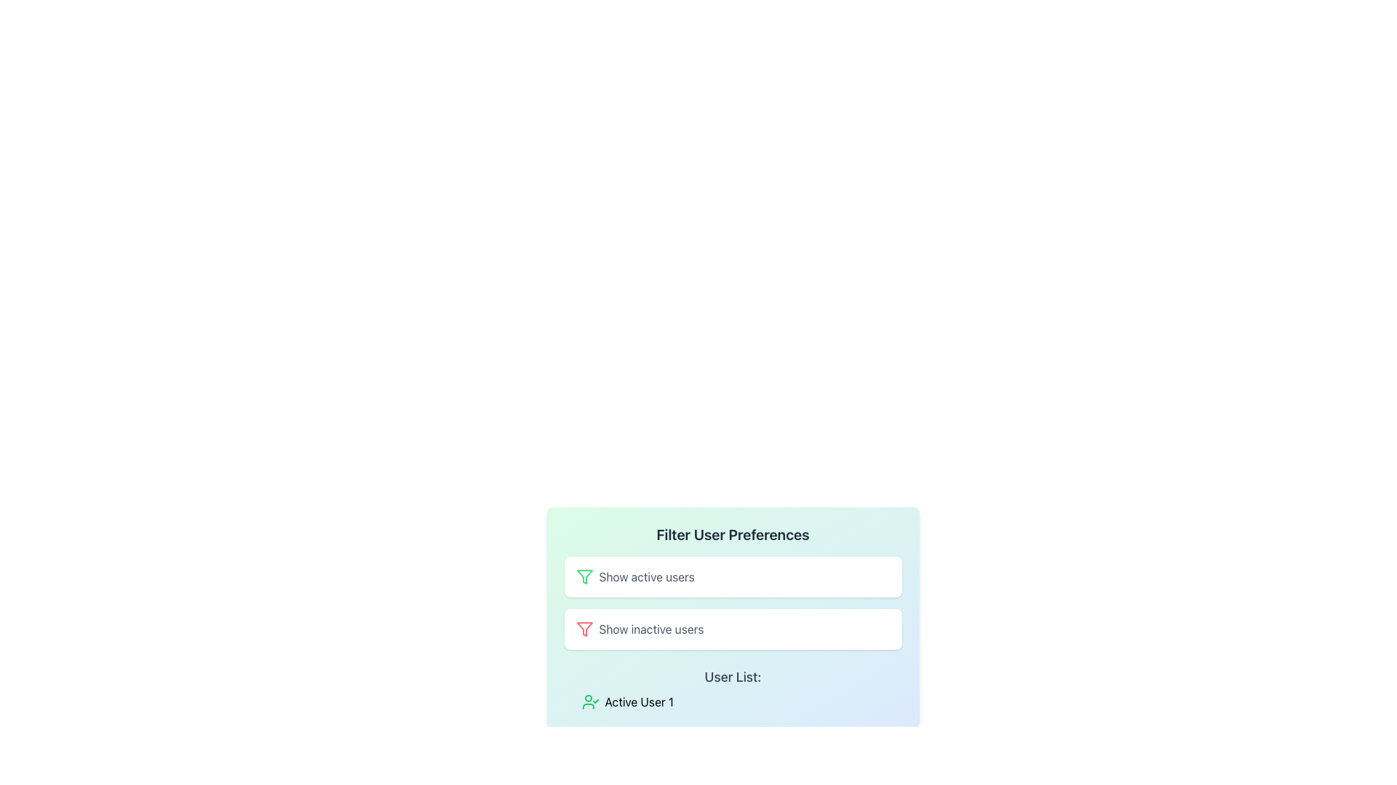  Describe the element at coordinates (584, 629) in the screenshot. I see `the filtering icon for inactive users located in the 'Filter User Preferences' section, specifically in the second row next to the 'Show inactive users' label` at that location.